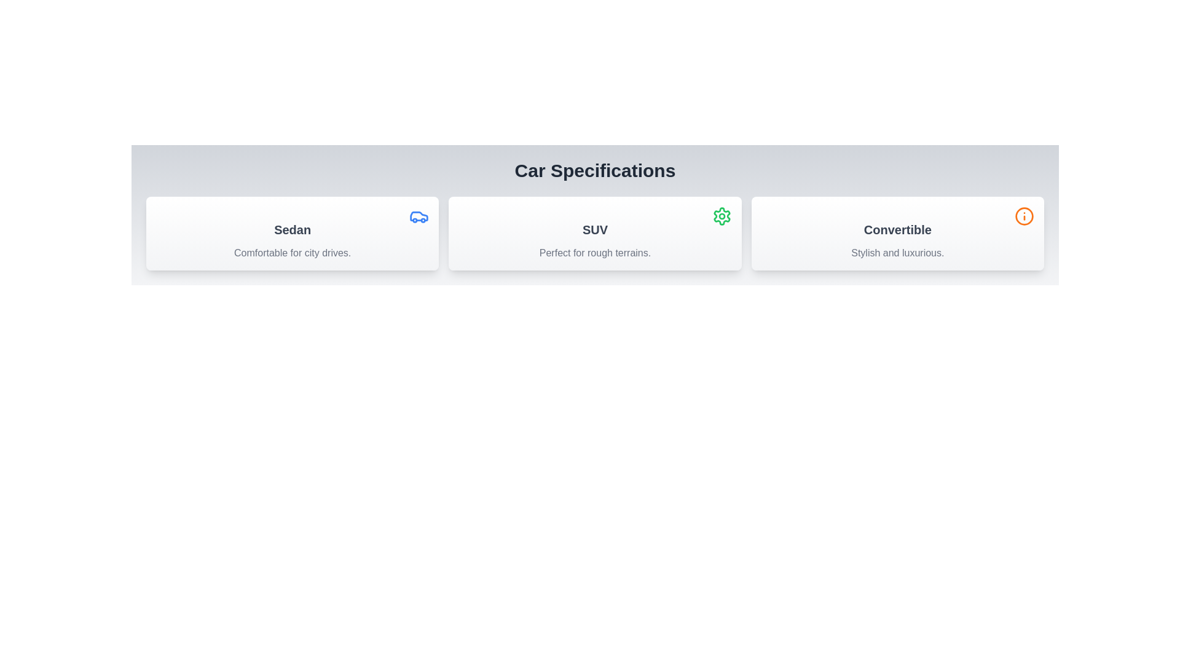 The width and height of the screenshot is (1180, 664). I want to click on the card labeled 'Sedan' by clicking on the icon located in the upper-right corner of the card, so click(419, 215).